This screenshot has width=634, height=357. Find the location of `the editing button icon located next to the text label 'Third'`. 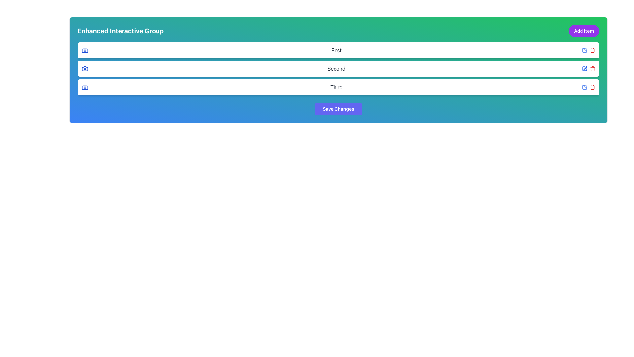

the editing button icon located next to the text label 'Third' is located at coordinates (585, 86).